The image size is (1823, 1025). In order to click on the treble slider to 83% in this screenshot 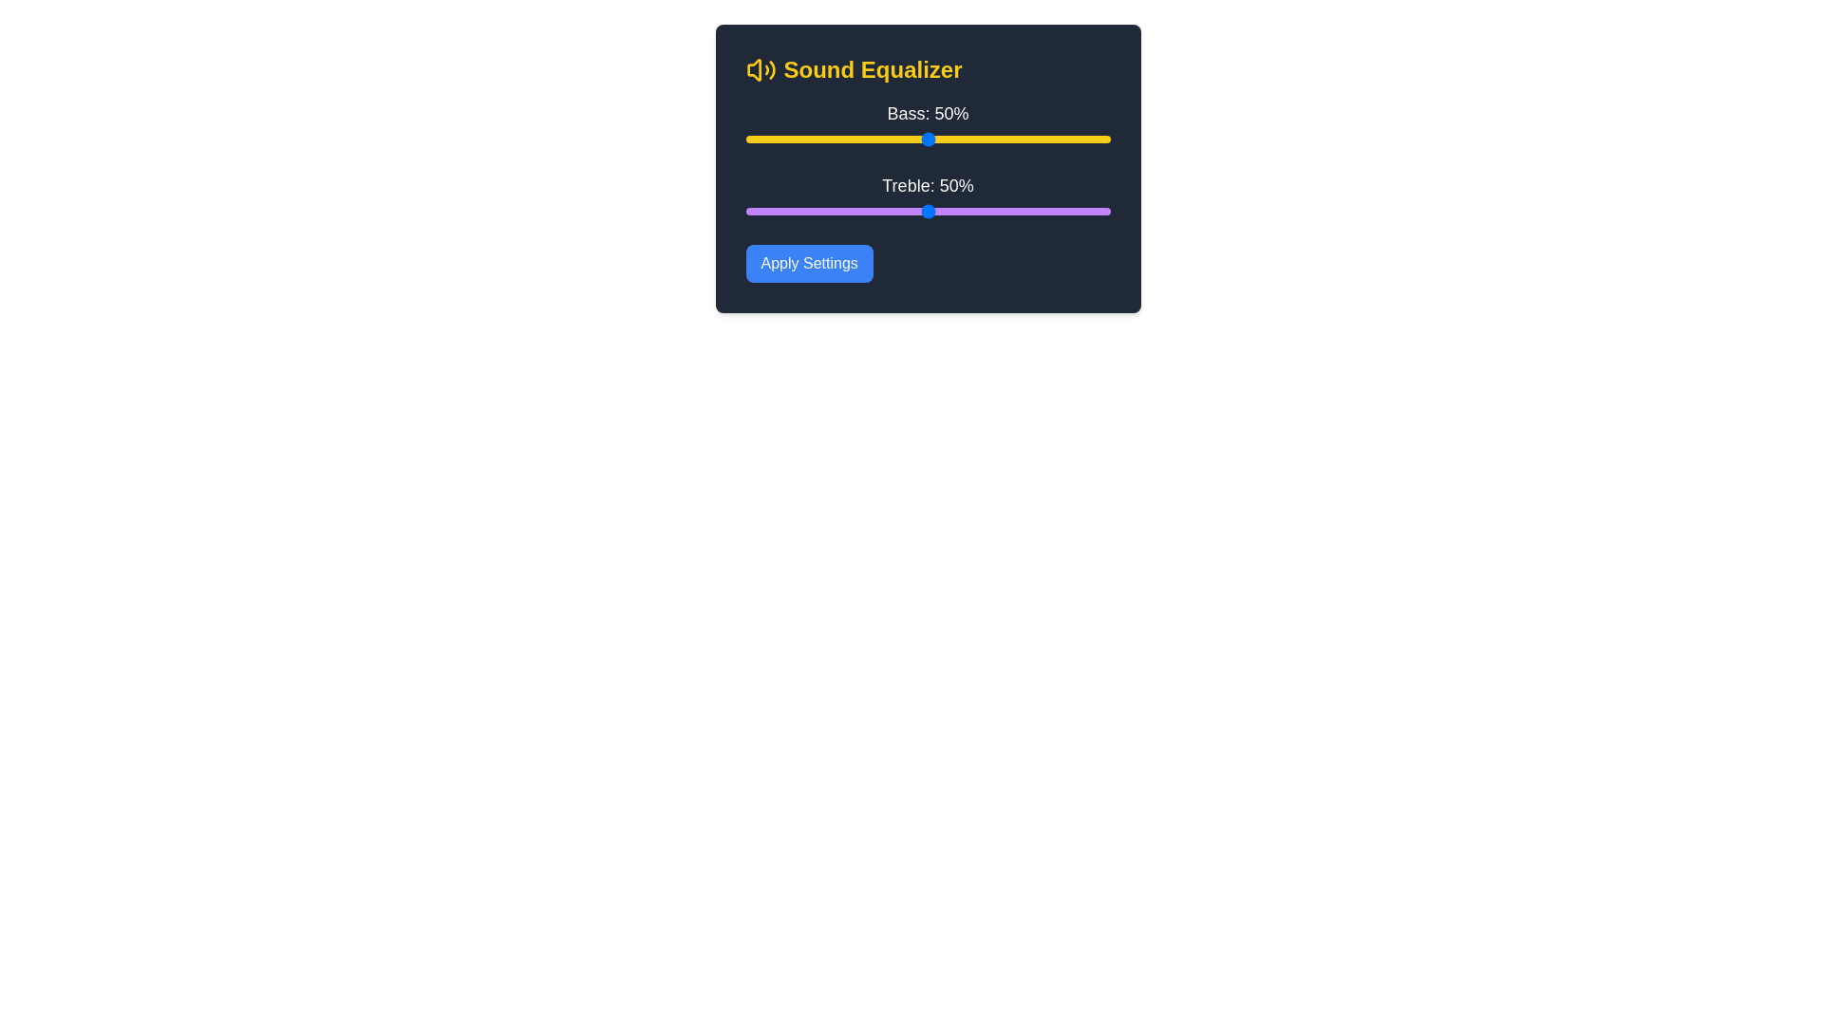, I will do `click(1047, 212)`.